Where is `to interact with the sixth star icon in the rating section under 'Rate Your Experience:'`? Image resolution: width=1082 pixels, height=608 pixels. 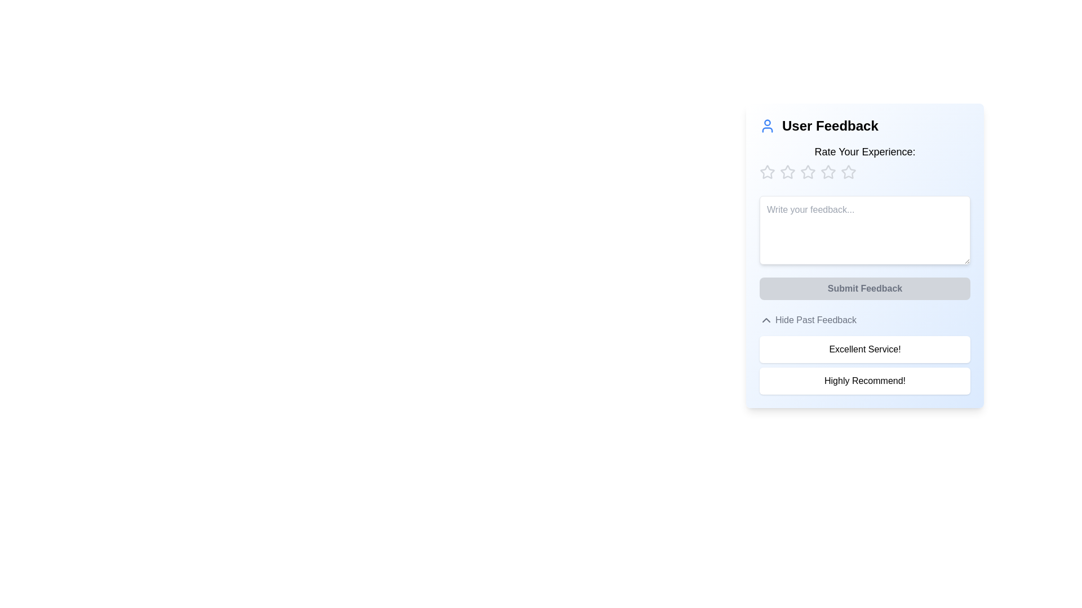 to interact with the sixth star icon in the rating section under 'Rate Your Experience:' is located at coordinates (849, 172).